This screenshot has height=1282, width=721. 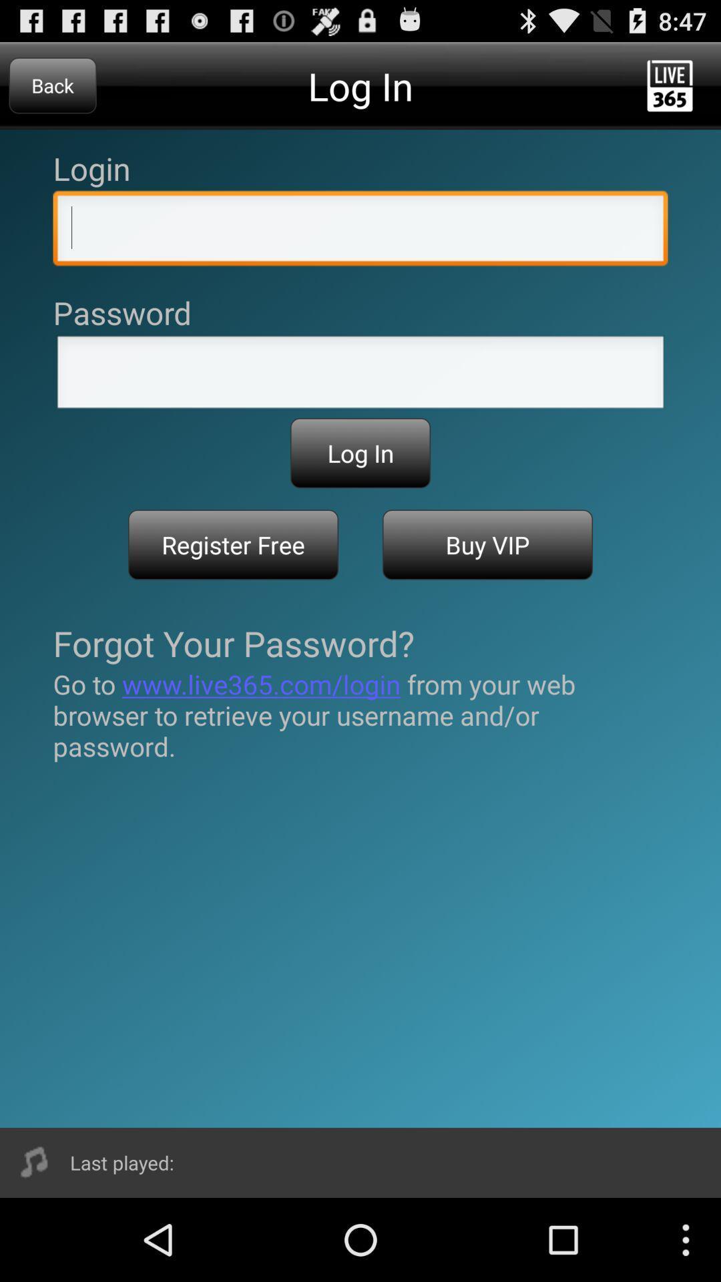 I want to click on back item, so click(x=52, y=85).